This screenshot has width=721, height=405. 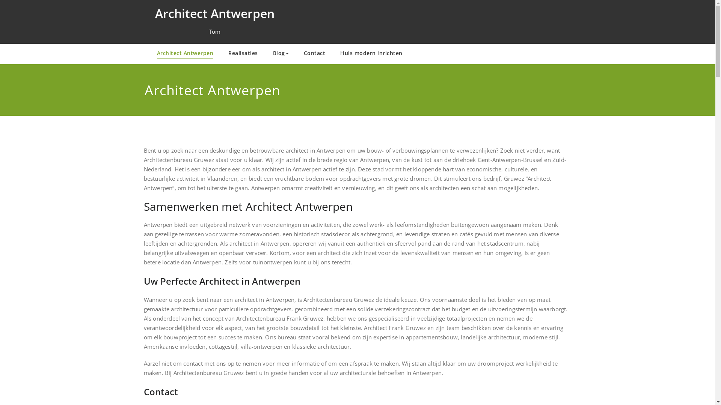 I want to click on 'Architect Antwerpen', so click(x=214, y=13).